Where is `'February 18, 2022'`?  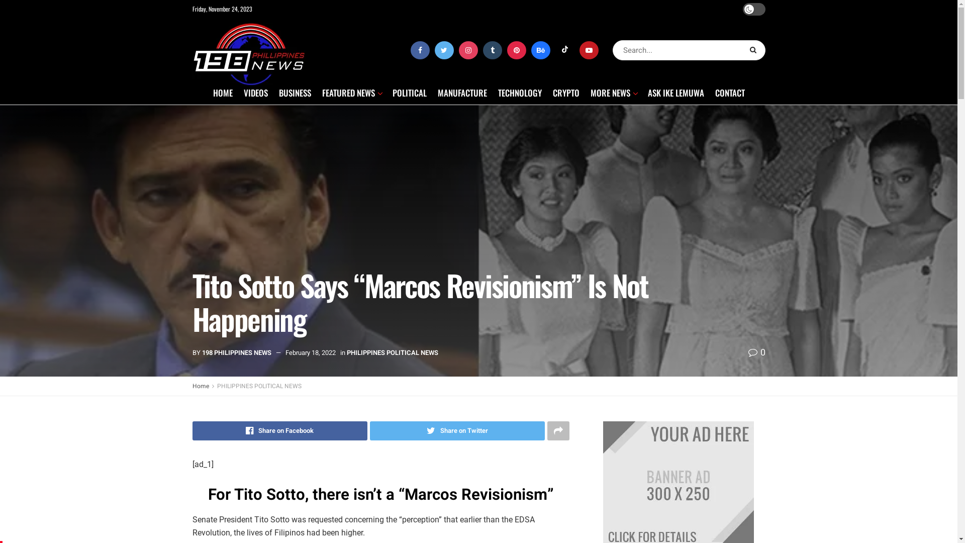
'February 18, 2022' is located at coordinates (310, 352).